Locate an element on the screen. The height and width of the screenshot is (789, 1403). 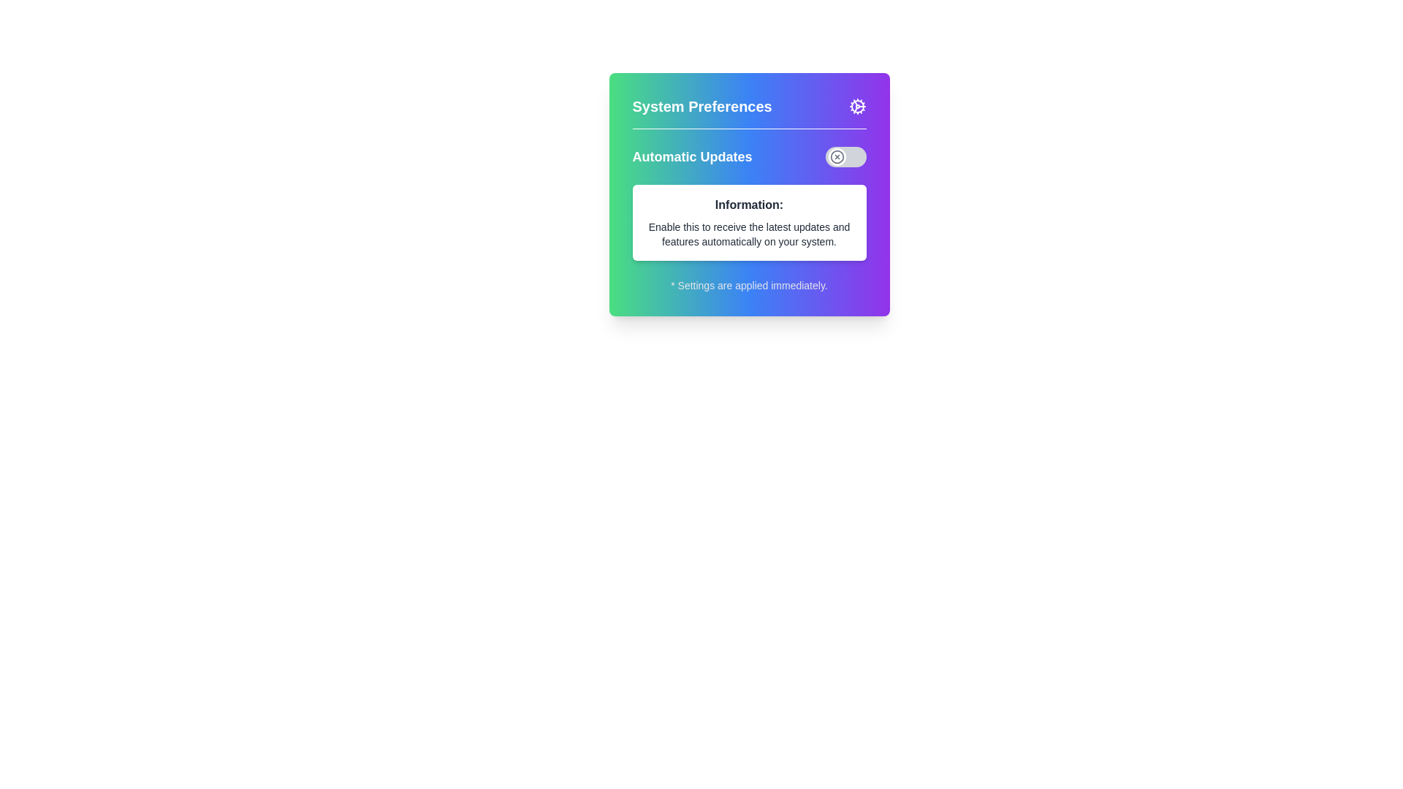
the toggle switch thumb on the right side of the 'Automatic Updates' toggle bar within the 'System Preferences' card to trigger possible visual effects is located at coordinates (837, 157).